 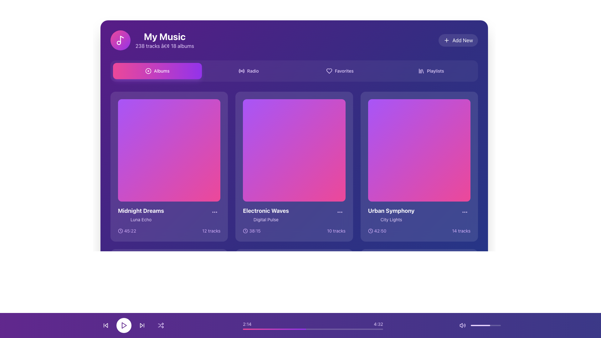 What do you see at coordinates (211, 231) in the screenshot?
I see `the text label indicating the number of tracks available in the album or playlist, located at the bottom right corner of the 'Midnight Dreams' album tile` at bounding box center [211, 231].